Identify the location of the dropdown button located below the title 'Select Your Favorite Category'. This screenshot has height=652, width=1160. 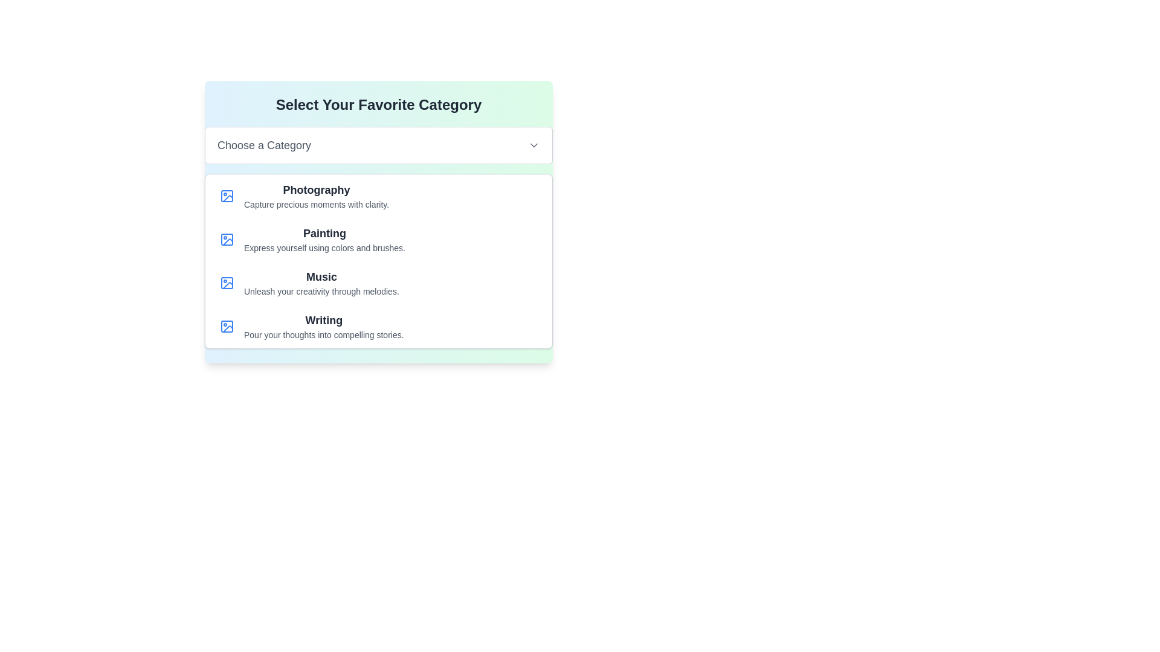
(378, 144).